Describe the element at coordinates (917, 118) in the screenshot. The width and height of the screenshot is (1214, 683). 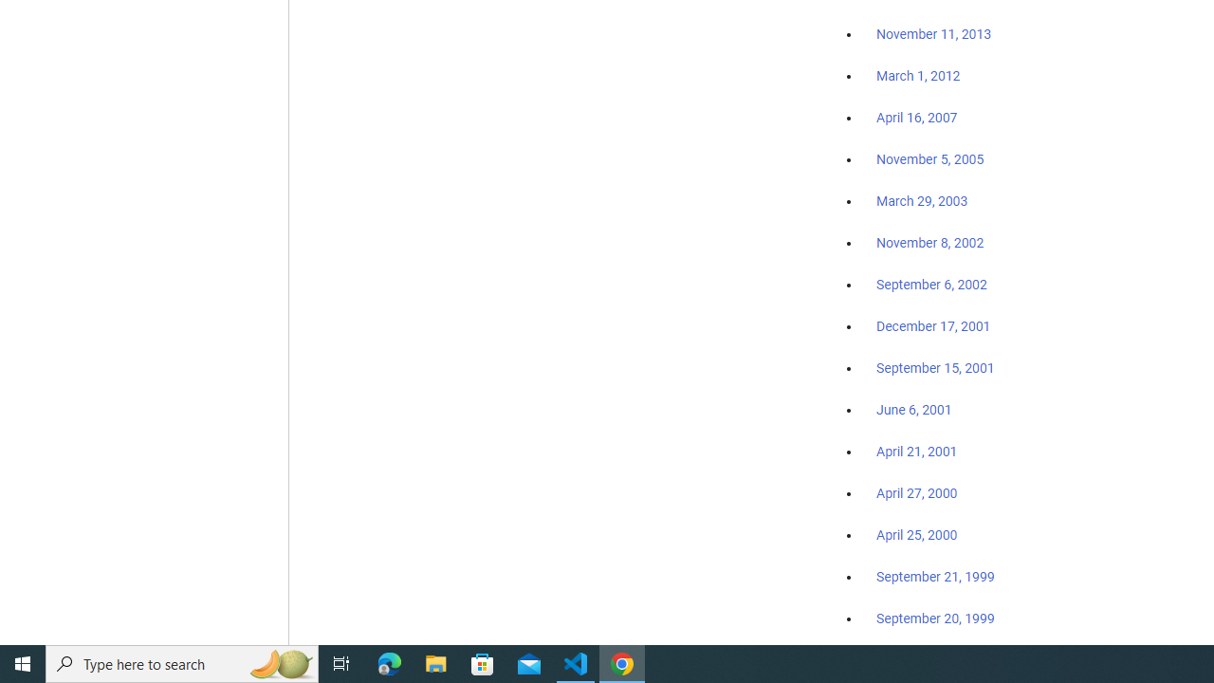
I see `'April 16, 2007'` at that location.